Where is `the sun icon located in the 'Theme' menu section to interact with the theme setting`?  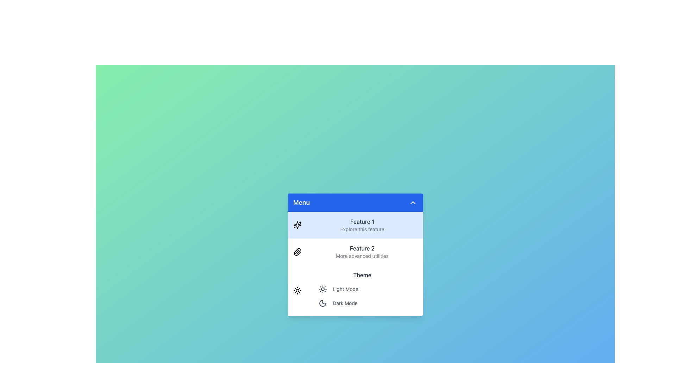
the sun icon located in the 'Theme' menu section to interact with the theme setting is located at coordinates (297, 290).